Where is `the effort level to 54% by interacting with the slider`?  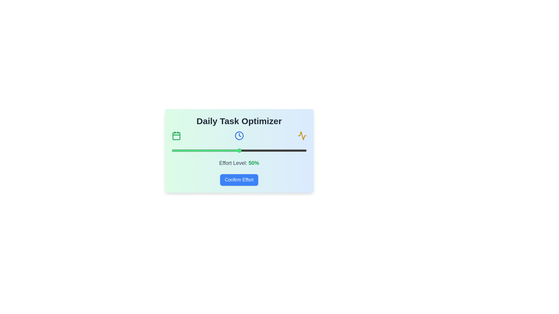
the effort level to 54% by interacting with the slider is located at coordinates (245, 150).